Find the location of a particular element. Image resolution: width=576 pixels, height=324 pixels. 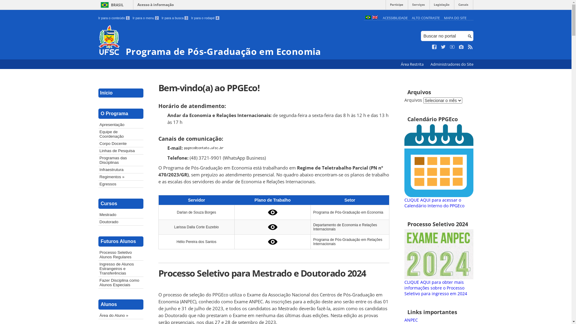

'Veja no Instagram' is located at coordinates (461, 47).